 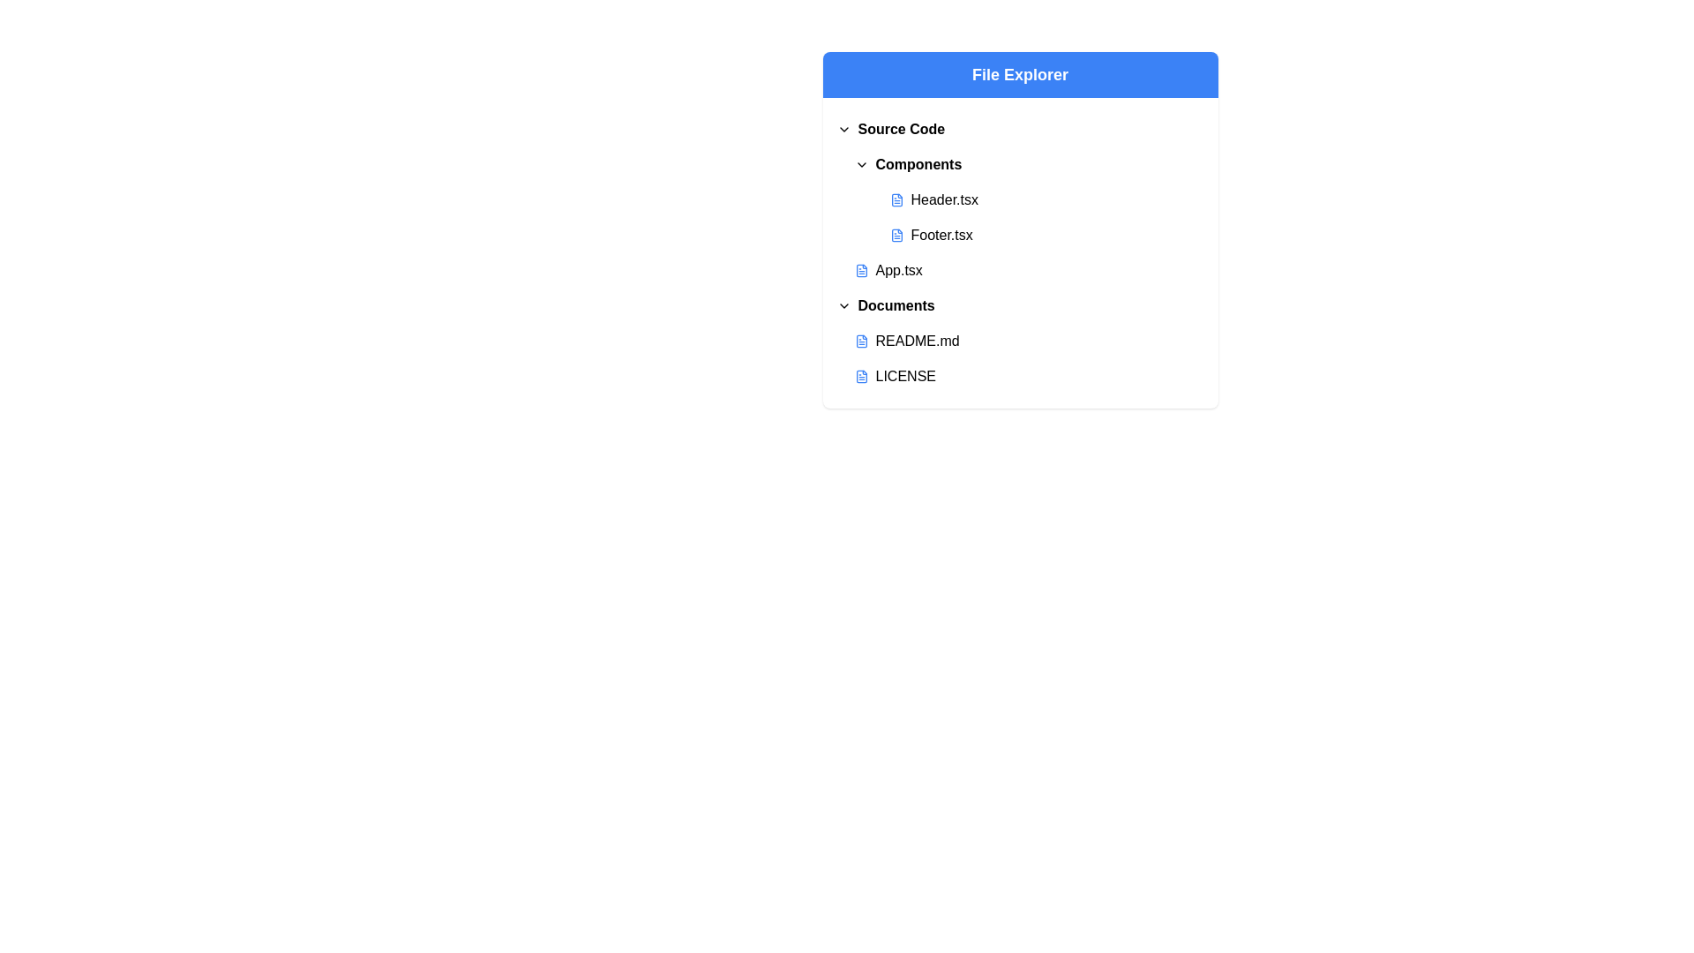 I want to click on the 'Documents' label in the file explorer to interact with its related functionality, so click(x=896, y=305).